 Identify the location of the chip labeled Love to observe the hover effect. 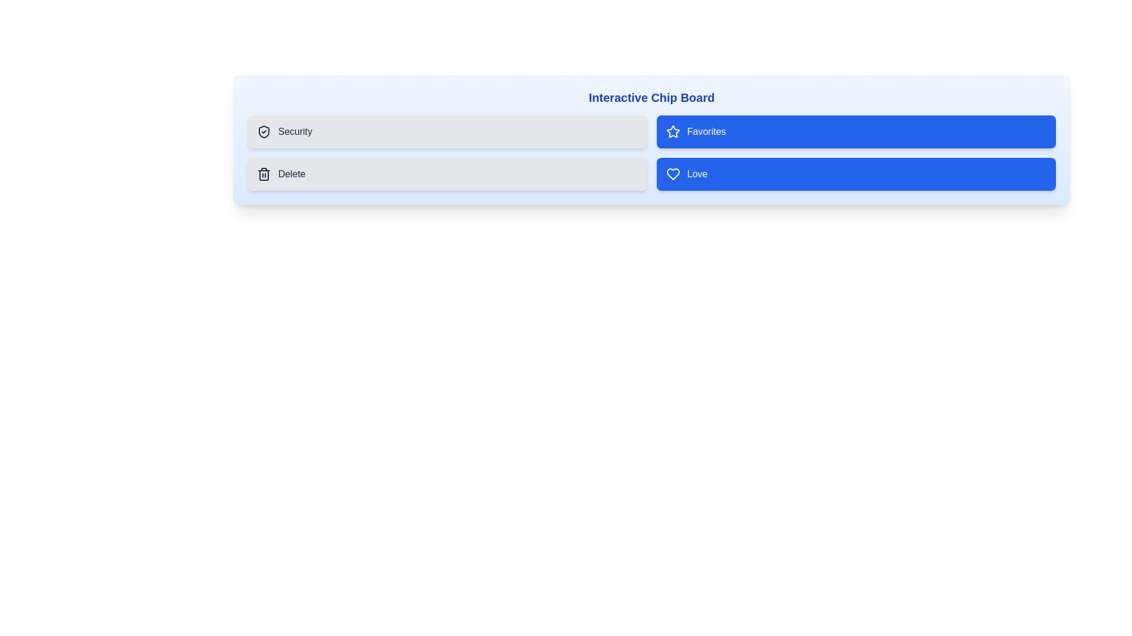
(856, 174).